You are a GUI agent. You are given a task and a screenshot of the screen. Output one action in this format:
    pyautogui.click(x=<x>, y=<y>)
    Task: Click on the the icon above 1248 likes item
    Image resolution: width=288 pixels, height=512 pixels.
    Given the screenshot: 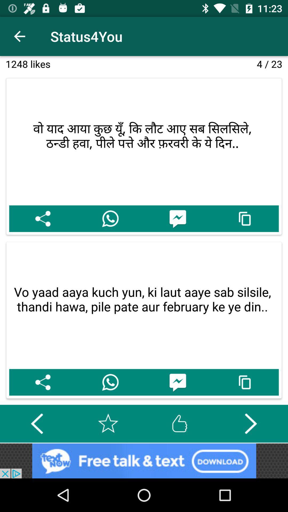 What is the action you would take?
    pyautogui.click(x=19, y=36)
    